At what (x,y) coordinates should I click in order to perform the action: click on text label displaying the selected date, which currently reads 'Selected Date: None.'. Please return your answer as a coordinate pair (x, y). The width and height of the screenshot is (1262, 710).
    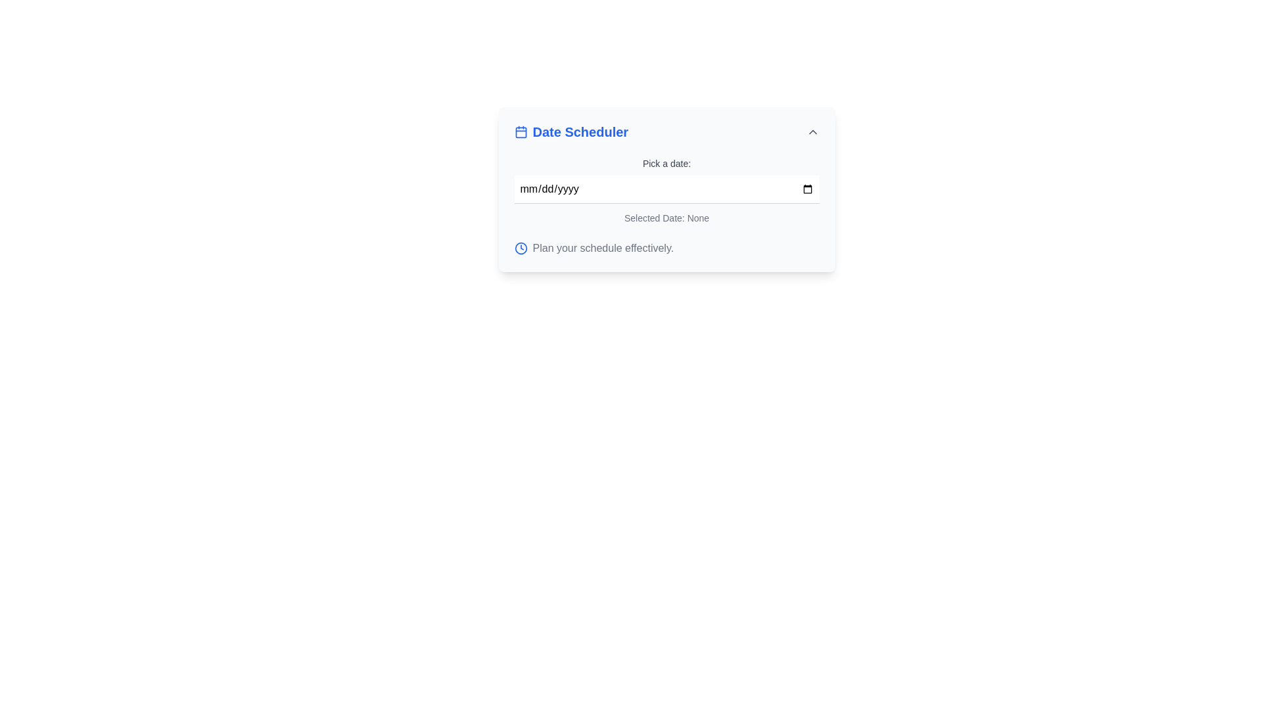
    Looking at the image, I should click on (666, 217).